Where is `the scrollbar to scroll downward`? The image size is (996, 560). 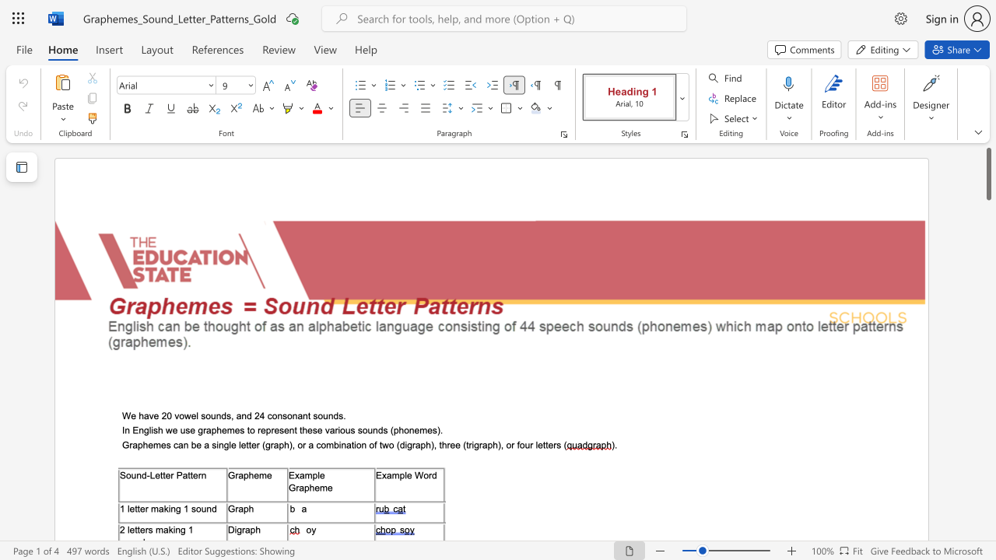
the scrollbar to scroll downward is located at coordinates (987, 506).